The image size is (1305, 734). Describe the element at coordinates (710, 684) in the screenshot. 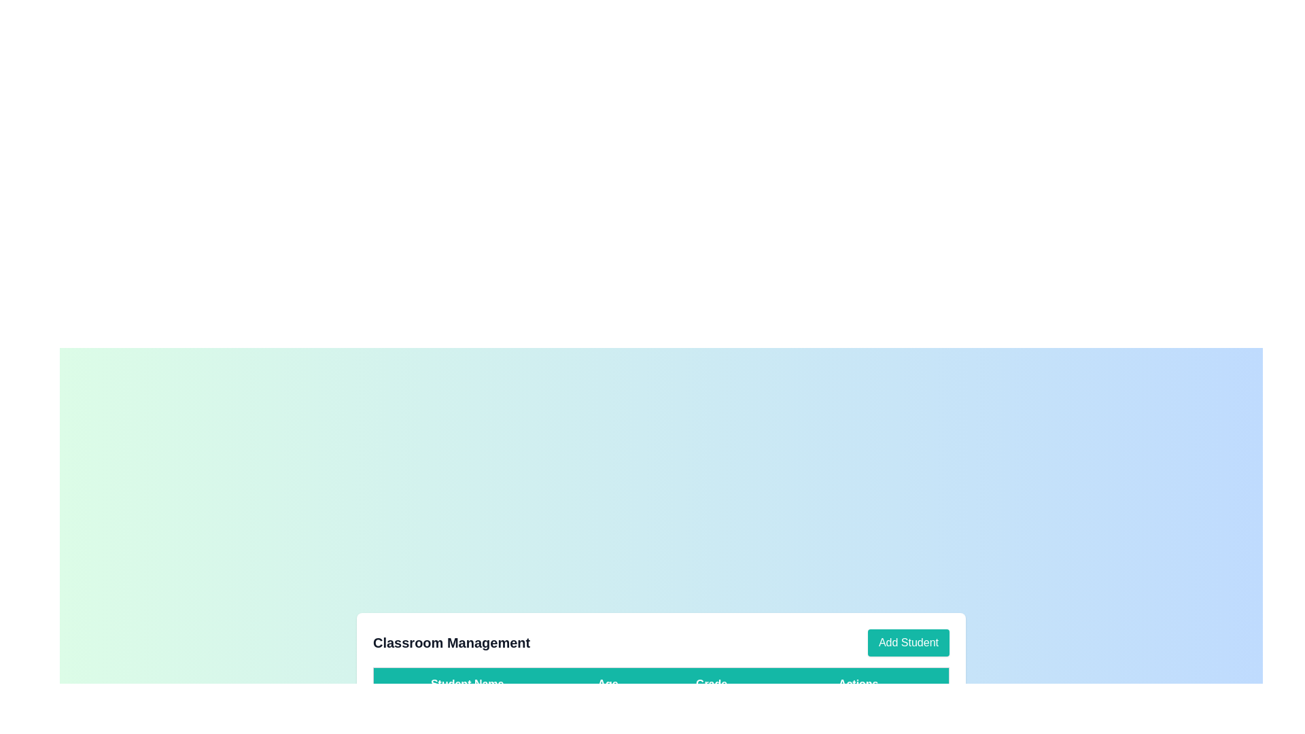

I see `the 'Grade' text label, which is the third label in a header row with a green background, displaying the word 'Grade' in white text` at that location.